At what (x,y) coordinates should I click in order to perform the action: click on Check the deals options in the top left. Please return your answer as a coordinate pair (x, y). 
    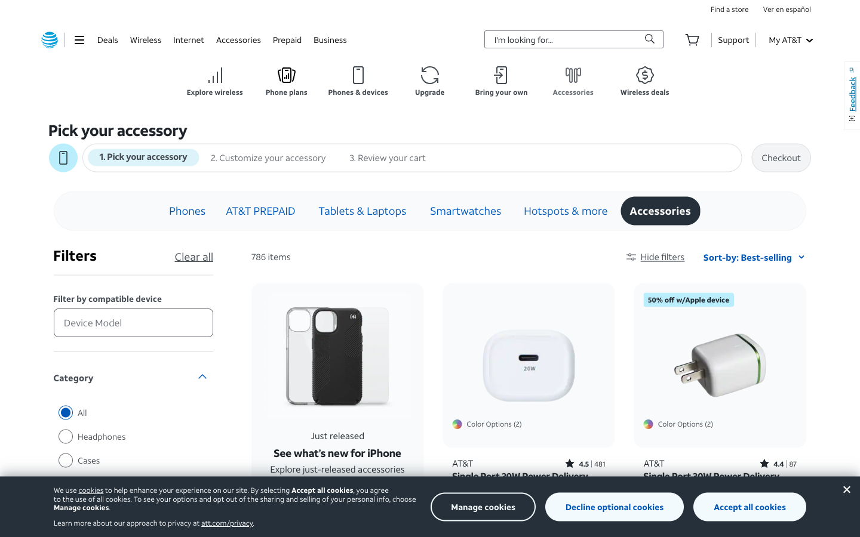
    Looking at the image, I should click on (107, 39).